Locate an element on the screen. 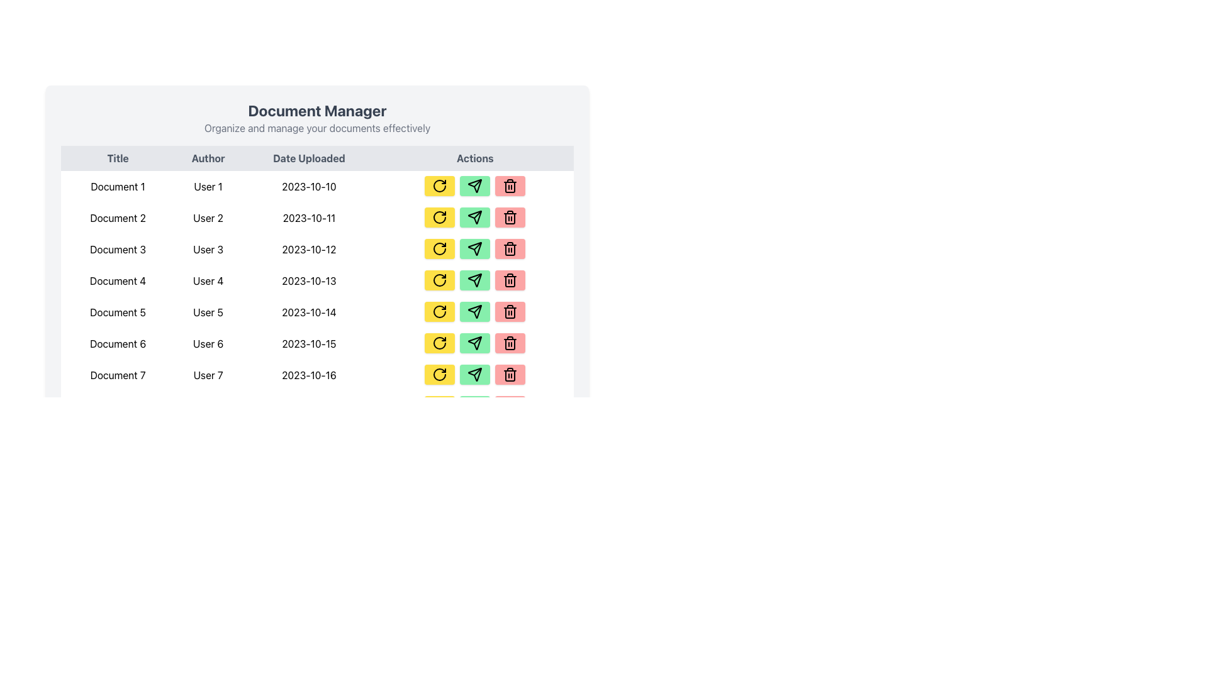 The height and width of the screenshot is (679, 1208). the text element that reads 'User 5', which is part of the row labeled 'Document 5' in the 'Author' column of the table is located at coordinates (208, 312).